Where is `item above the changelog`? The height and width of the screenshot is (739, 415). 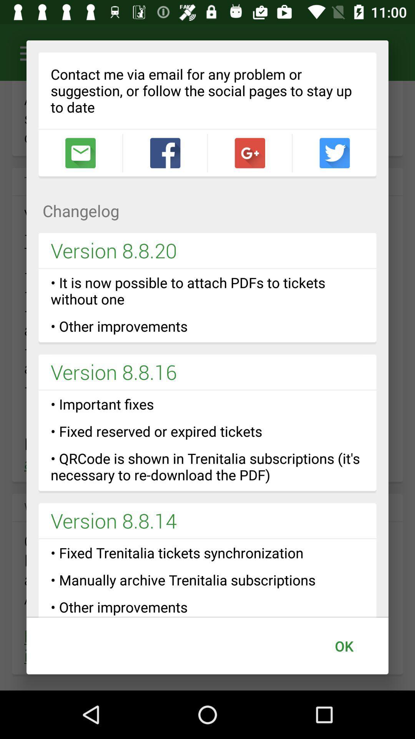 item above the changelog is located at coordinates (250, 153).